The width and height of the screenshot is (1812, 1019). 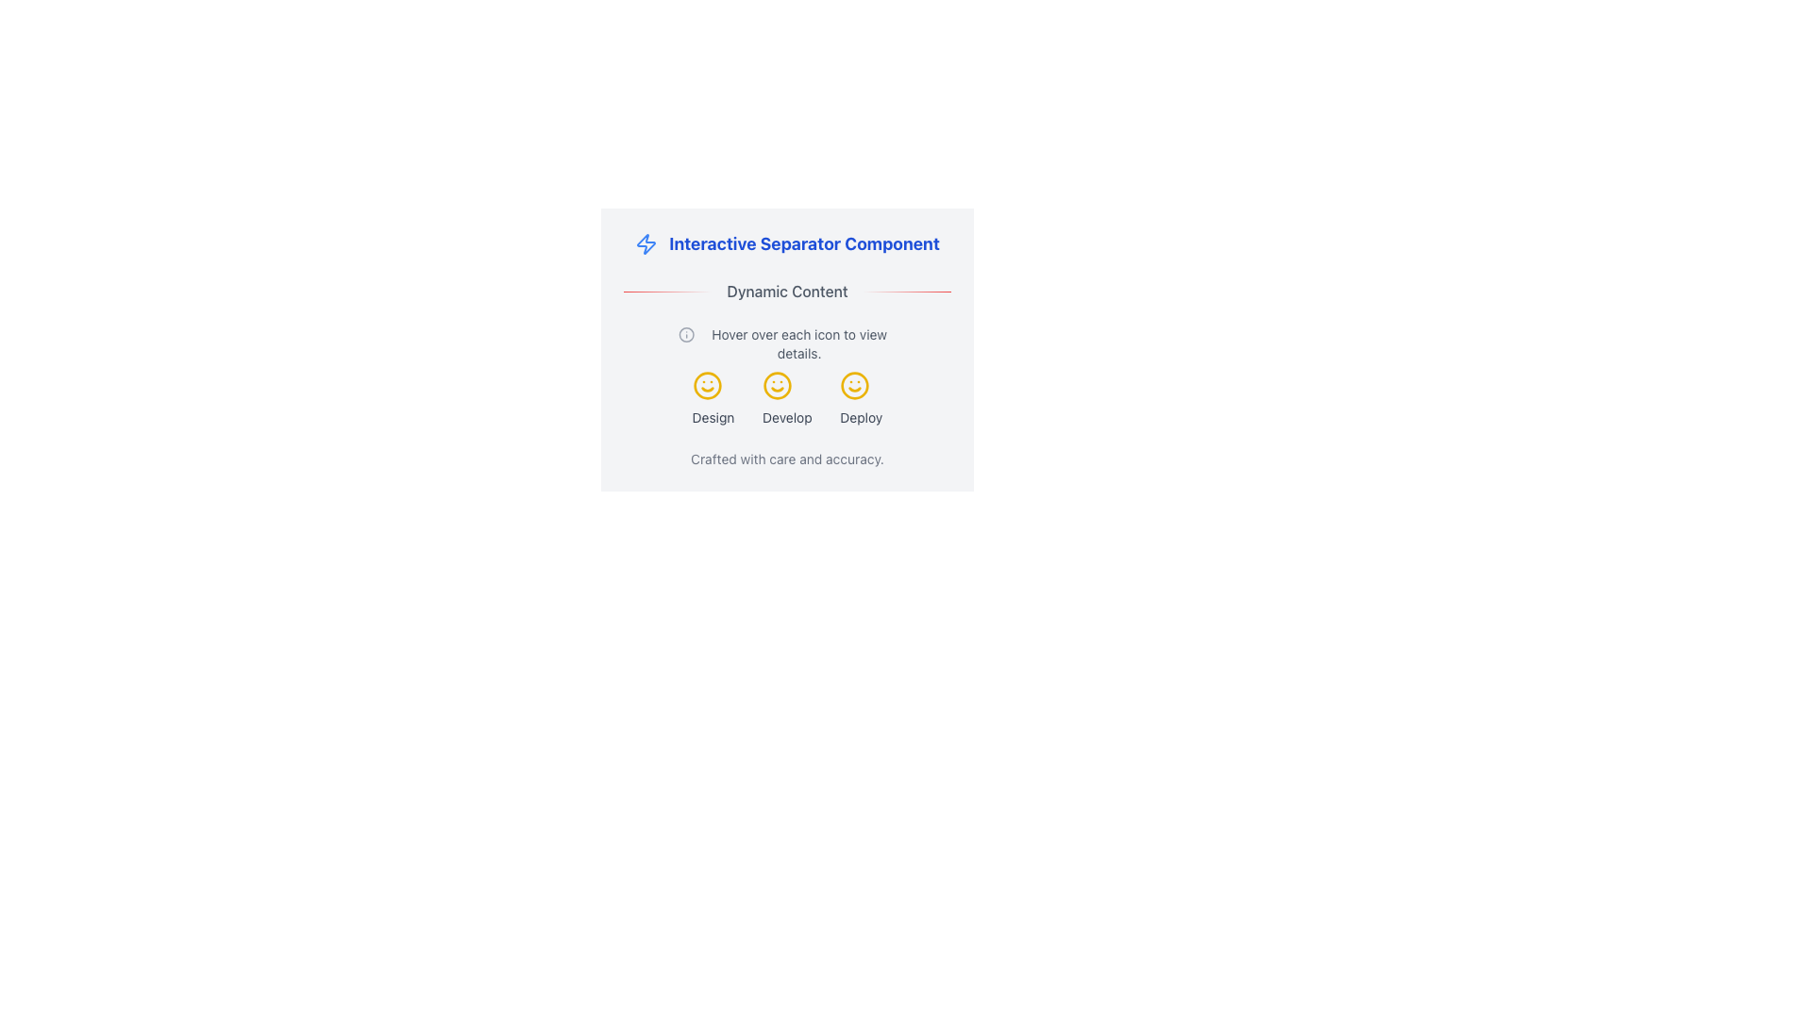 I want to click on the 'Design' icon with text label, so click(x=713, y=398).